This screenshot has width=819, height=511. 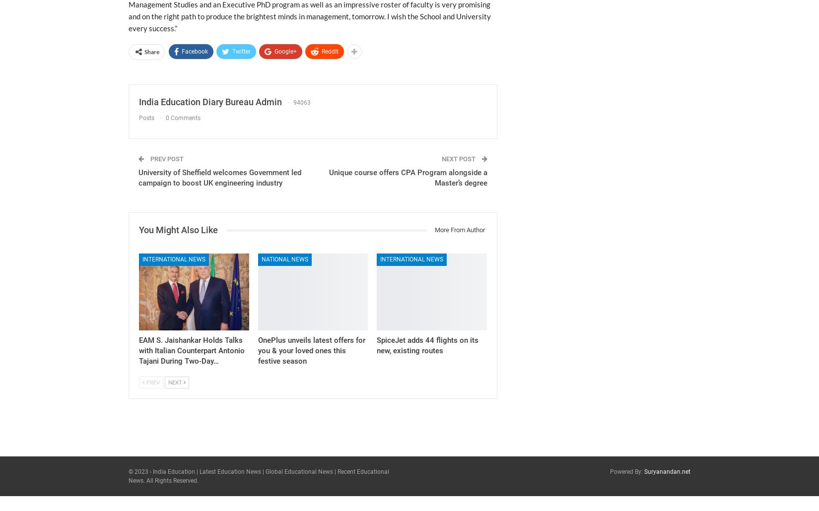 I want to click on 'Next Post', so click(x=441, y=158).